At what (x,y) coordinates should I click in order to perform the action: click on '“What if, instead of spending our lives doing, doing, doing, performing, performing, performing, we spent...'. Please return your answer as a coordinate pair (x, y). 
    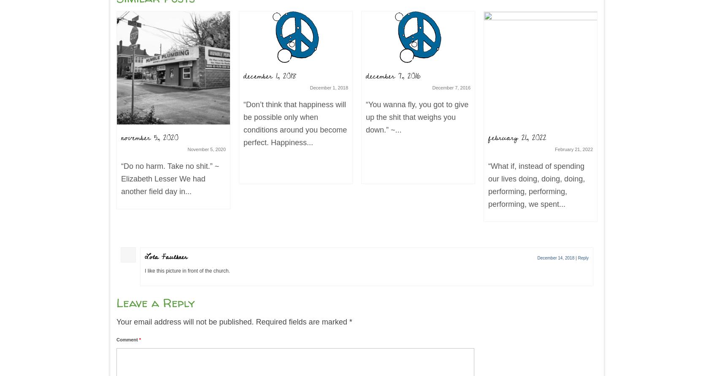
    Looking at the image, I should click on (487, 185).